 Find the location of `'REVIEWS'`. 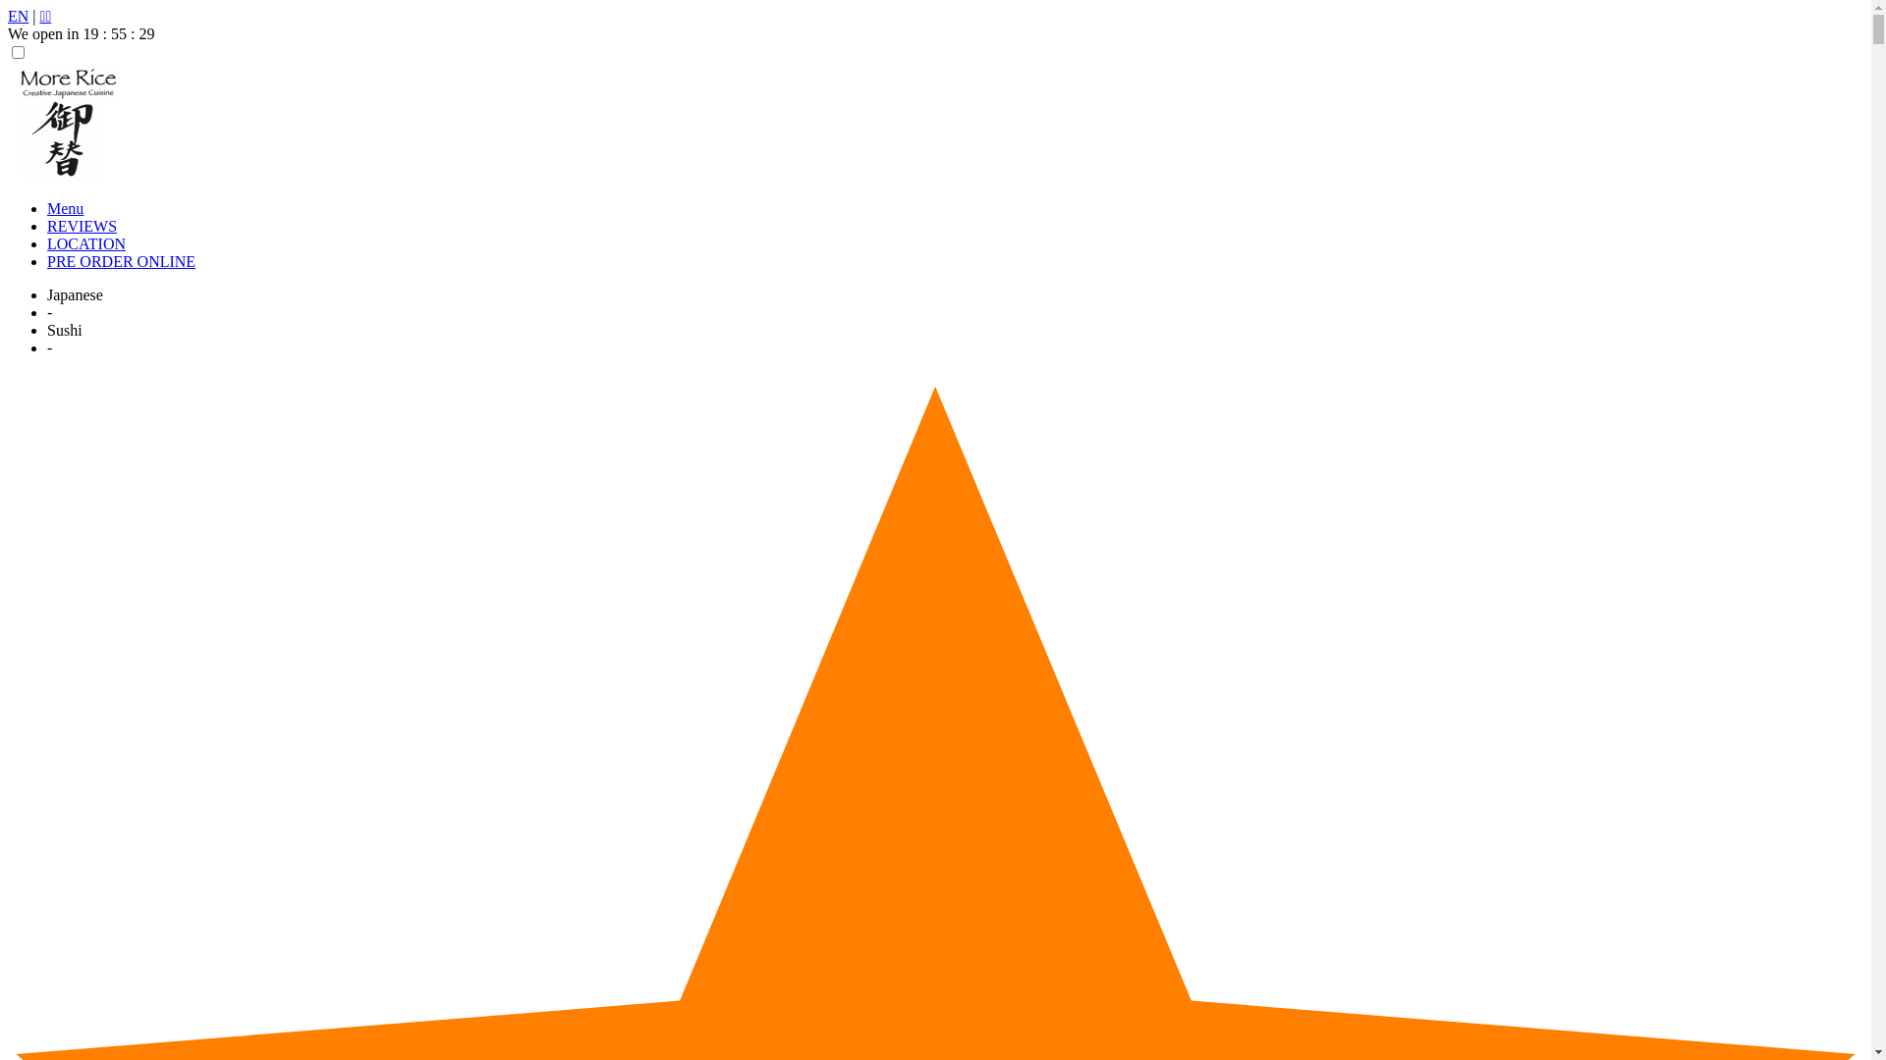

'REVIEWS' is located at coordinates (47, 225).